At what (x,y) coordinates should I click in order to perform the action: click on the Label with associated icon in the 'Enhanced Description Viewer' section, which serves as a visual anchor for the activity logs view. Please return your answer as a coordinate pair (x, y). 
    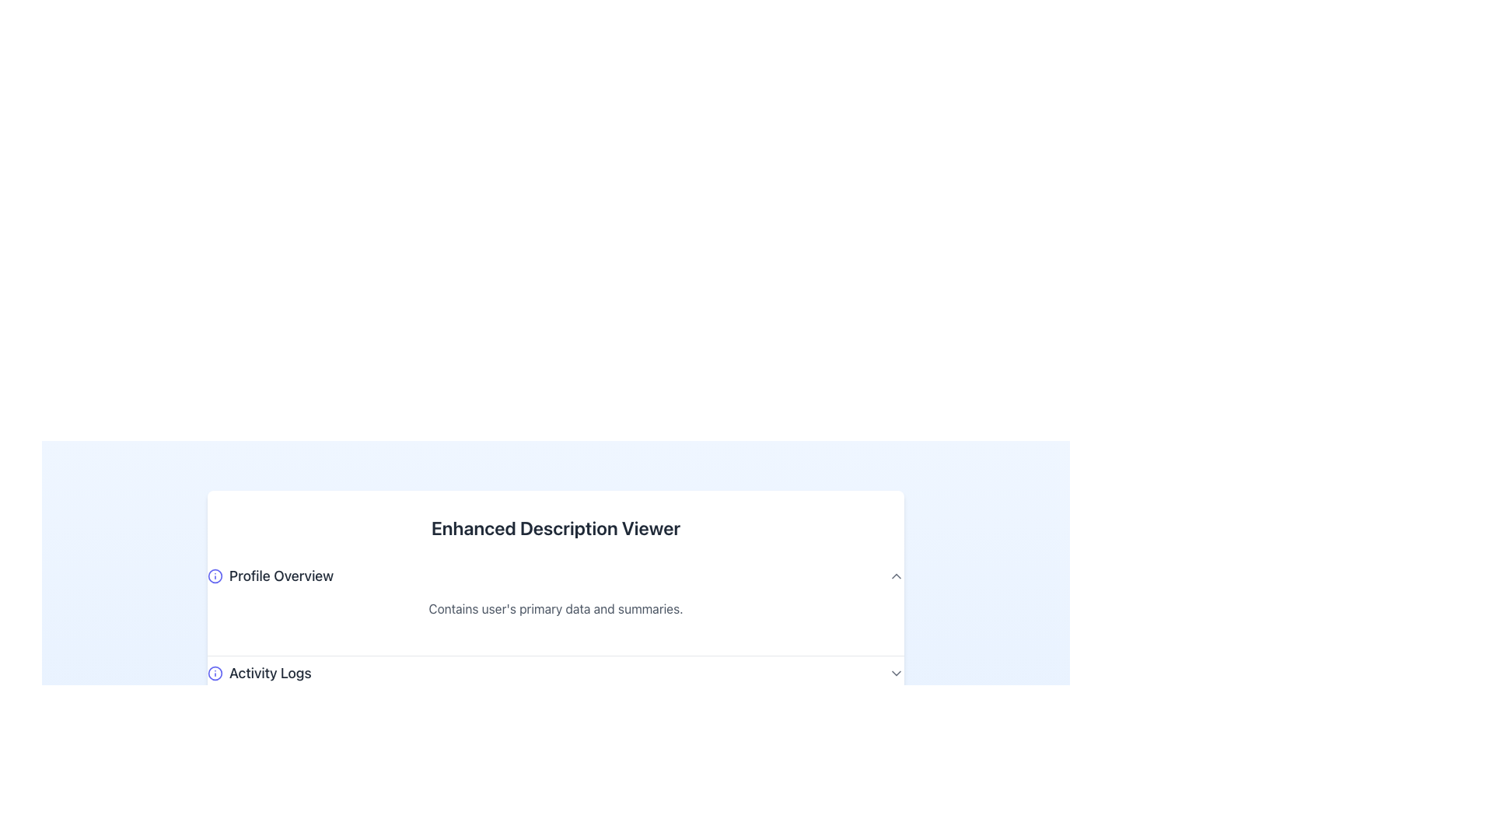
    Looking at the image, I should click on (259, 673).